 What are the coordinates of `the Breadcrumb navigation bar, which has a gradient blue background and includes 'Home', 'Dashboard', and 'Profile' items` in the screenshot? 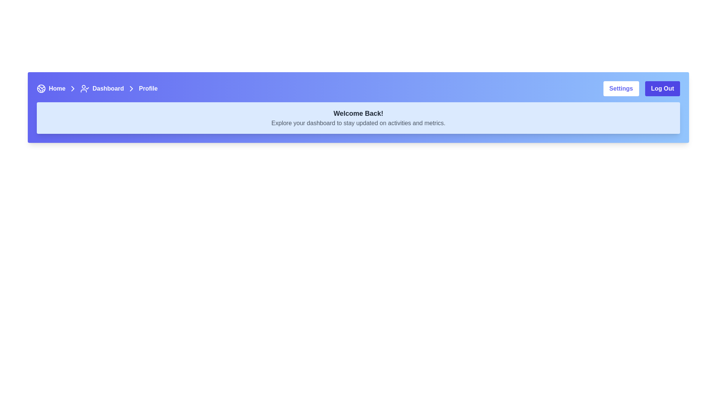 It's located at (358, 88).